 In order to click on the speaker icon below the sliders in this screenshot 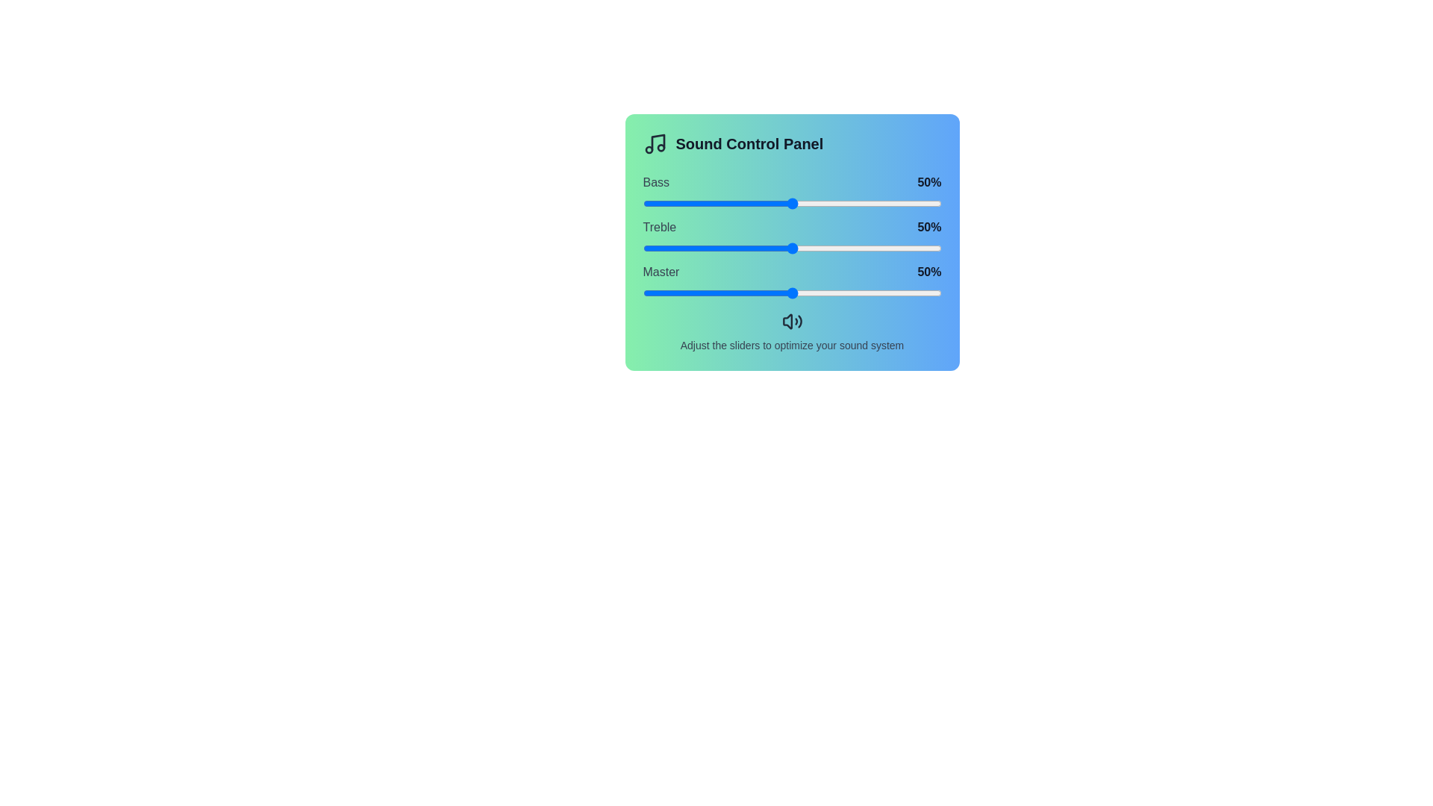, I will do `click(791, 321)`.